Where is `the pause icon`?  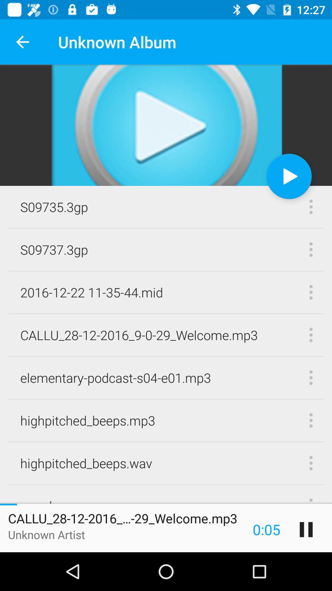
the pause icon is located at coordinates (306, 529).